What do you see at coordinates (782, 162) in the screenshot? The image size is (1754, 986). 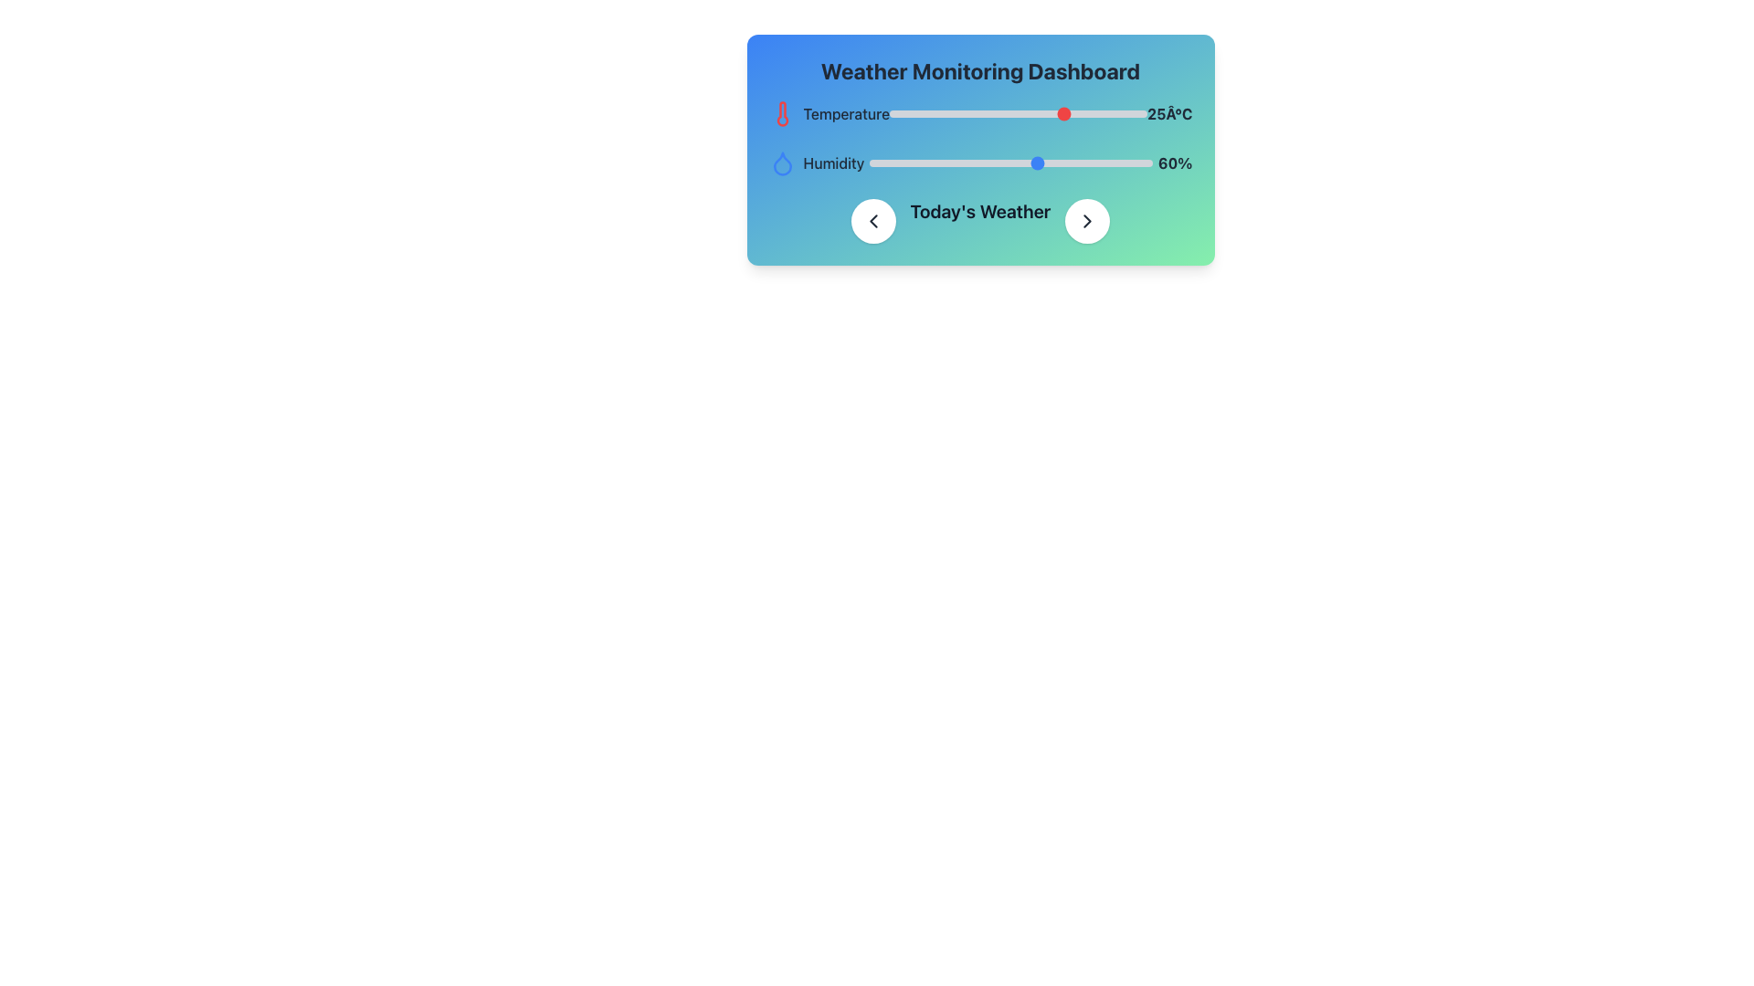 I see `the blue droplet icon representing humidity, located to the left of the 'Humidity' text in the interface` at bounding box center [782, 162].